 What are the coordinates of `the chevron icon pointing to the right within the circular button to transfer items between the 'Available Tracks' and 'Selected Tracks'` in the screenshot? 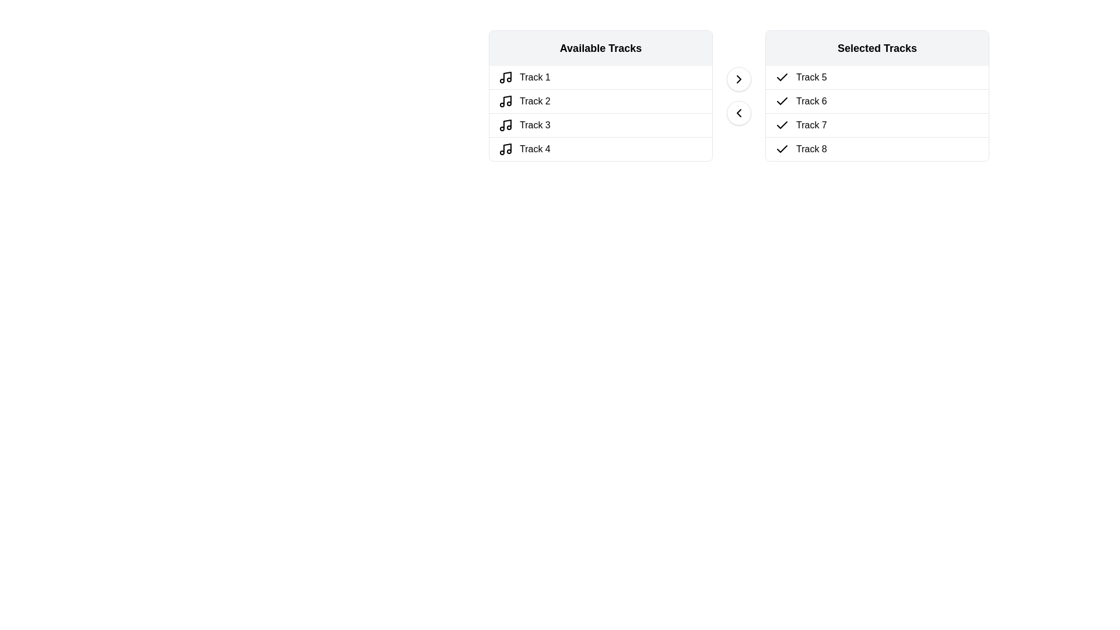 It's located at (738, 79).